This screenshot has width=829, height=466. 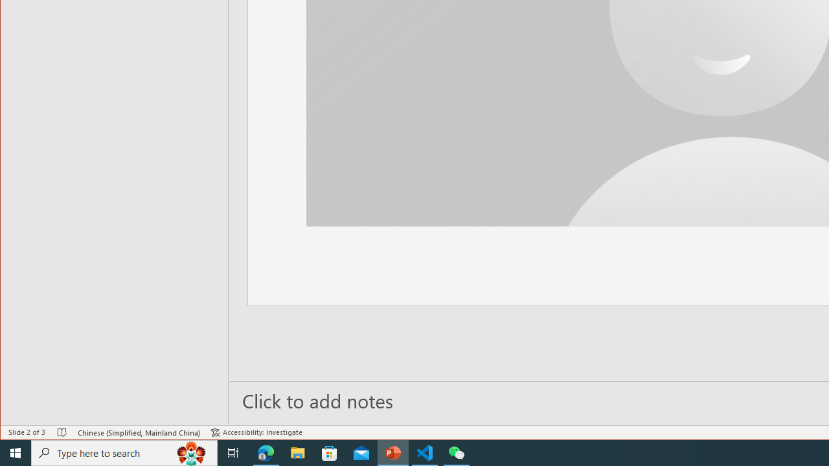 What do you see at coordinates (392, 452) in the screenshot?
I see `'PowerPoint - 1 running window'` at bounding box center [392, 452].